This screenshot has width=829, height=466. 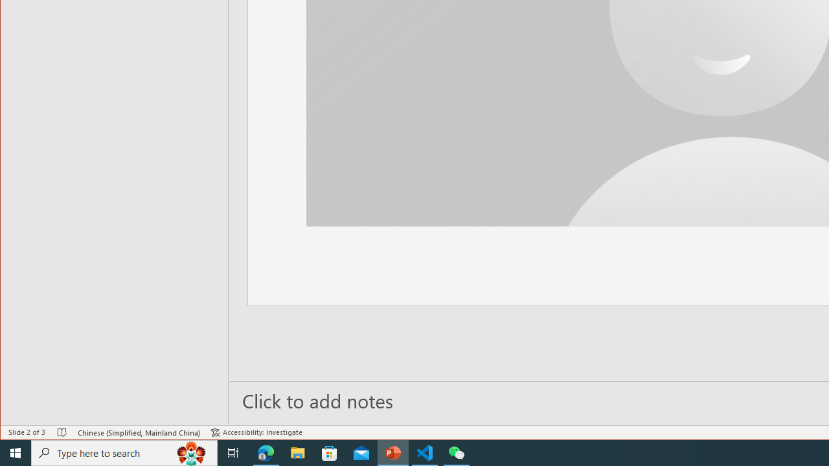 What do you see at coordinates (392, 452) in the screenshot?
I see `'PowerPoint - 1 running window'` at bounding box center [392, 452].